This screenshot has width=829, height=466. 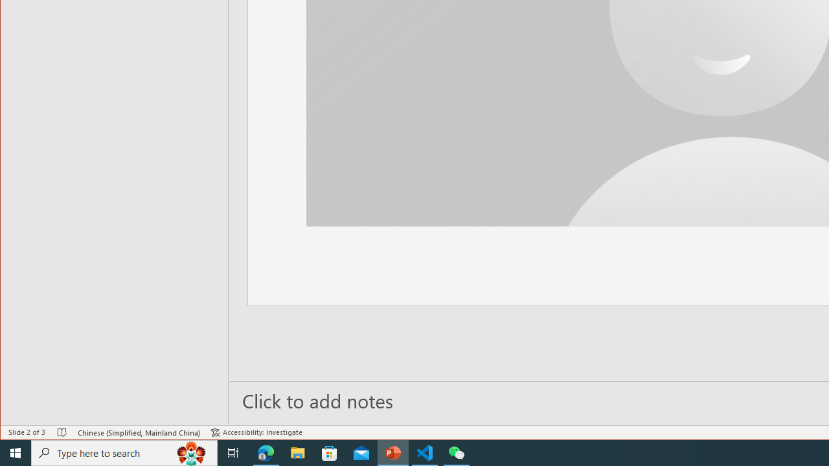 What do you see at coordinates (392, 452) in the screenshot?
I see `'PowerPoint - 1 running window'` at bounding box center [392, 452].